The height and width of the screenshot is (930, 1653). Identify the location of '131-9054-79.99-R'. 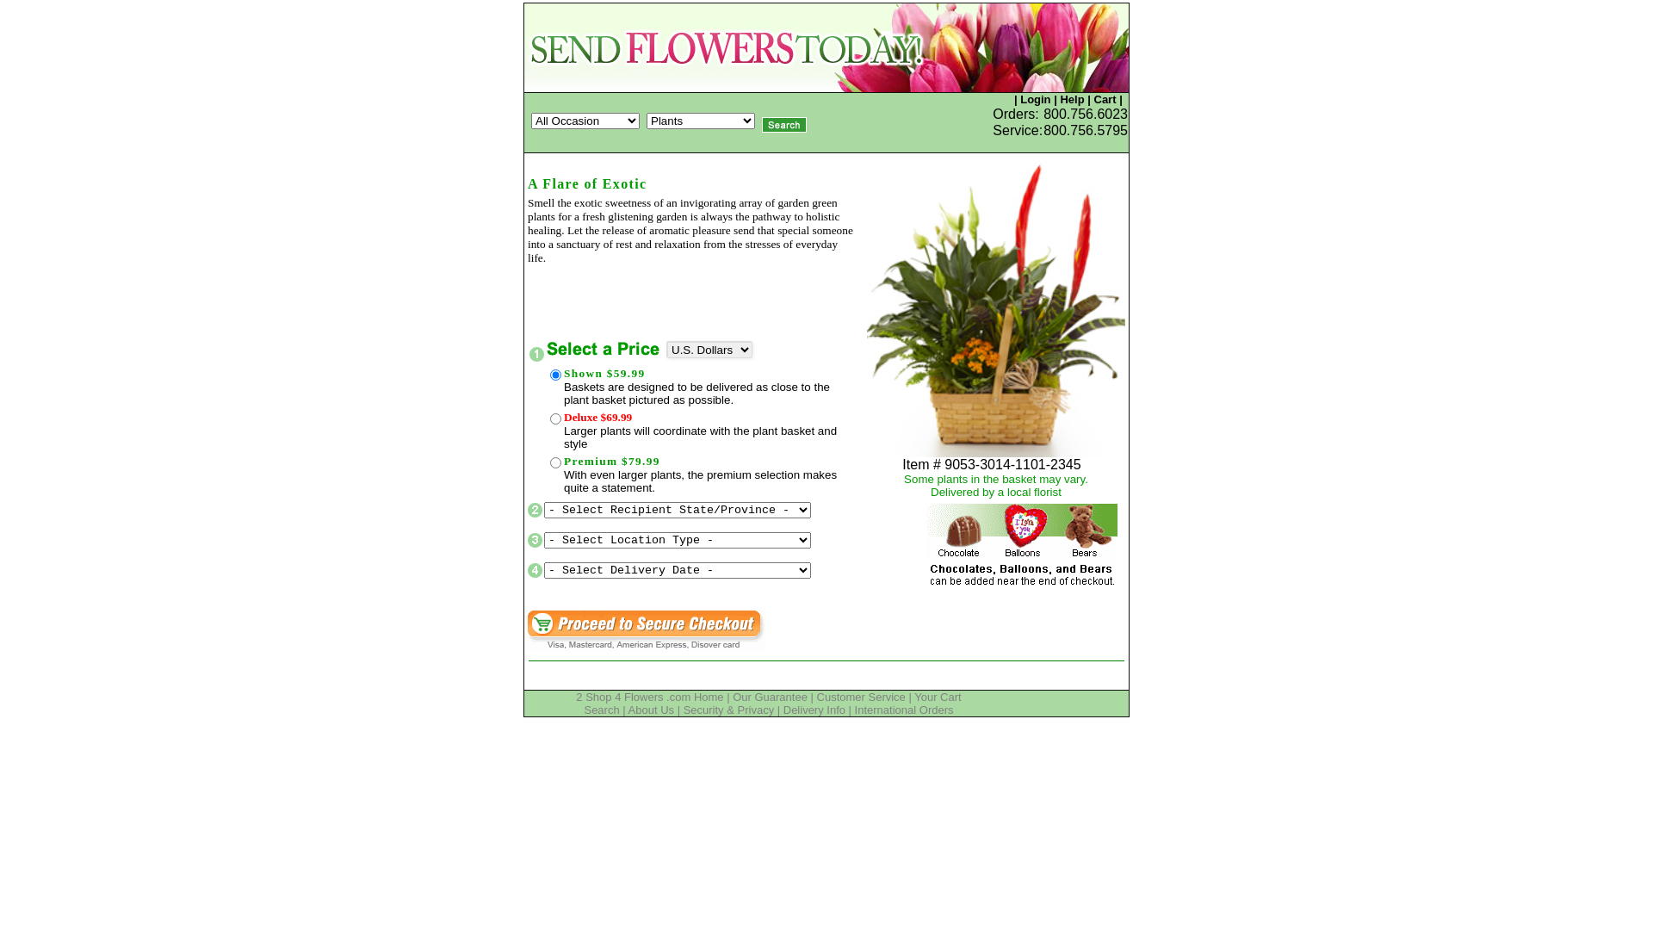
(555, 418).